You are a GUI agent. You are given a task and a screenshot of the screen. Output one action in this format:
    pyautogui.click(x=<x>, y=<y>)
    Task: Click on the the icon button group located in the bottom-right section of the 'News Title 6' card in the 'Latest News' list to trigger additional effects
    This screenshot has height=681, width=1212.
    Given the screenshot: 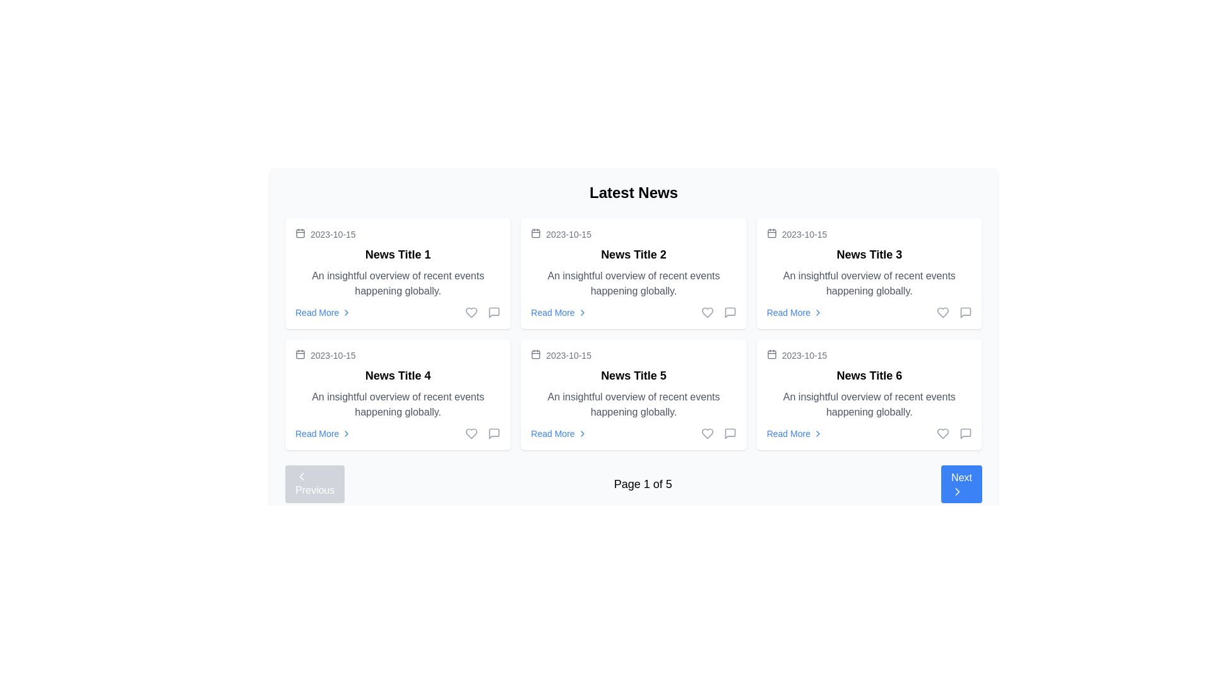 What is the action you would take?
    pyautogui.click(x=954, y=433)
    